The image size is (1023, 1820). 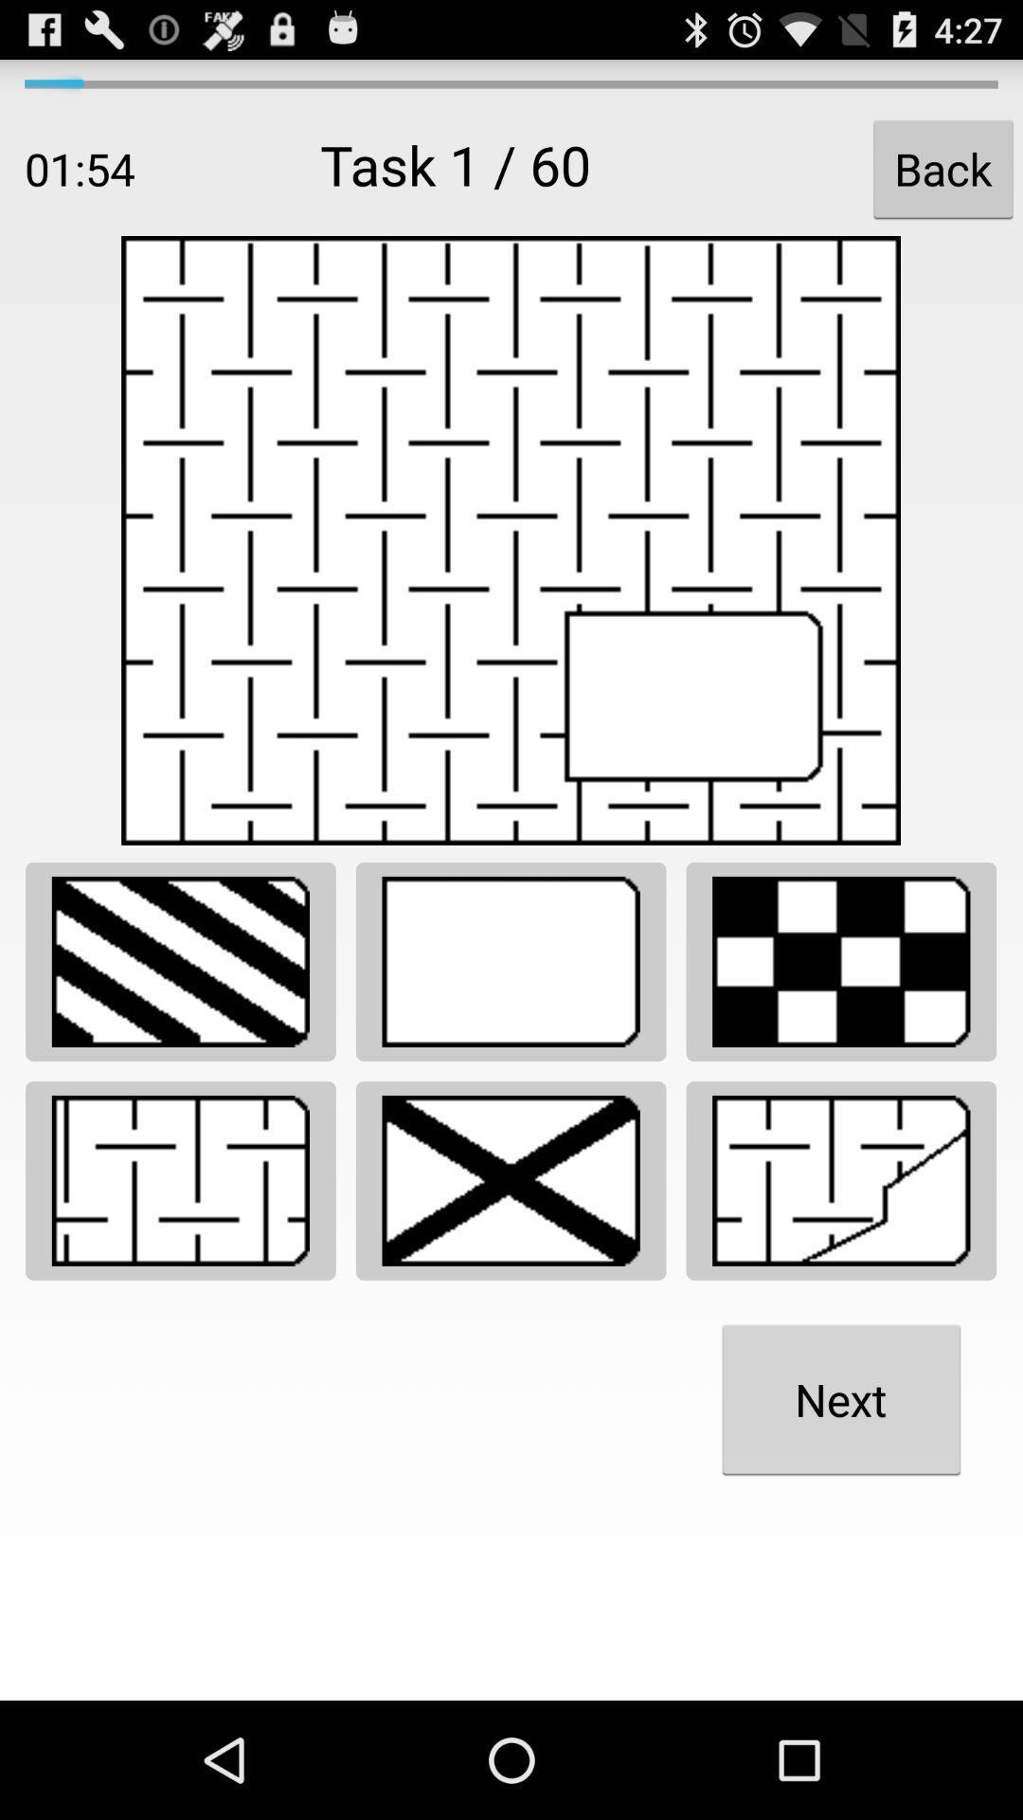 What do you see at coordinates (180, 961) in the screenshot?
I see `pattern answer` at bounding box center [180, 961].